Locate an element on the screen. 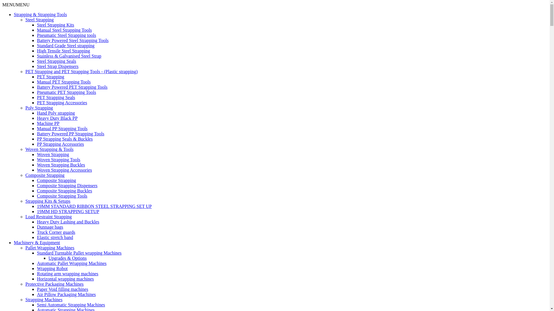 The width and height of the screenshot is (554, 311). 'Elastic stretch band' is located at coordinates (55, 237).